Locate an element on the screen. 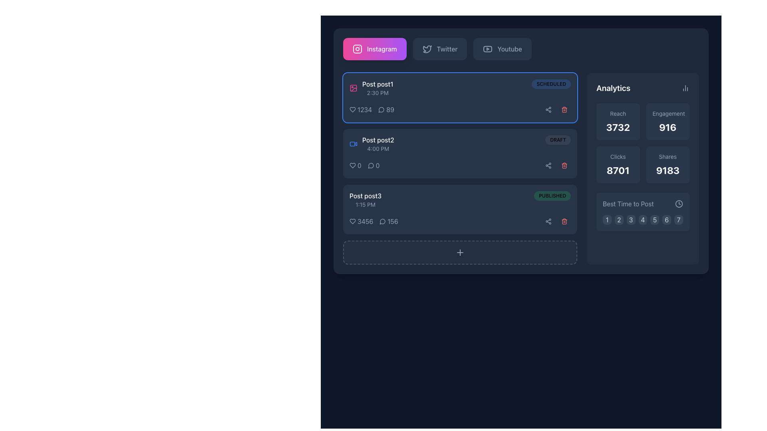 This screenshot has height=431, width=767. the Twitter button, which is located in the navigation bar is located at coordinates (447, 49).